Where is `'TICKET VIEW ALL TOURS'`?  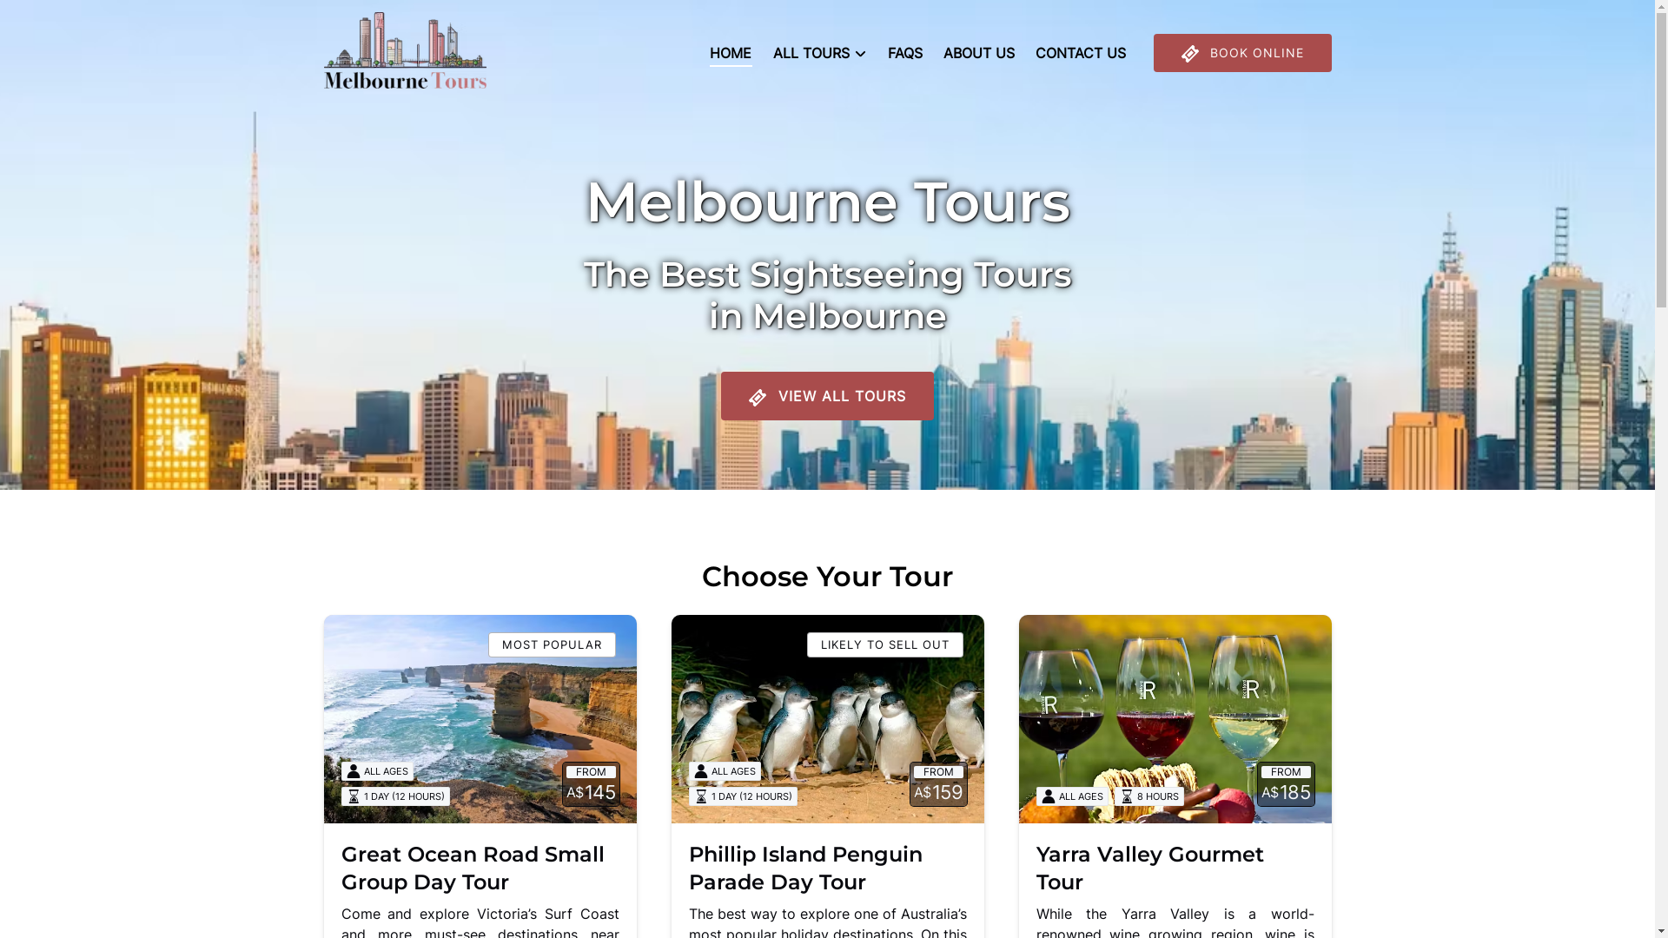
'TICKET VIEW ALL TOURS' is located at coordinates (721, 347).